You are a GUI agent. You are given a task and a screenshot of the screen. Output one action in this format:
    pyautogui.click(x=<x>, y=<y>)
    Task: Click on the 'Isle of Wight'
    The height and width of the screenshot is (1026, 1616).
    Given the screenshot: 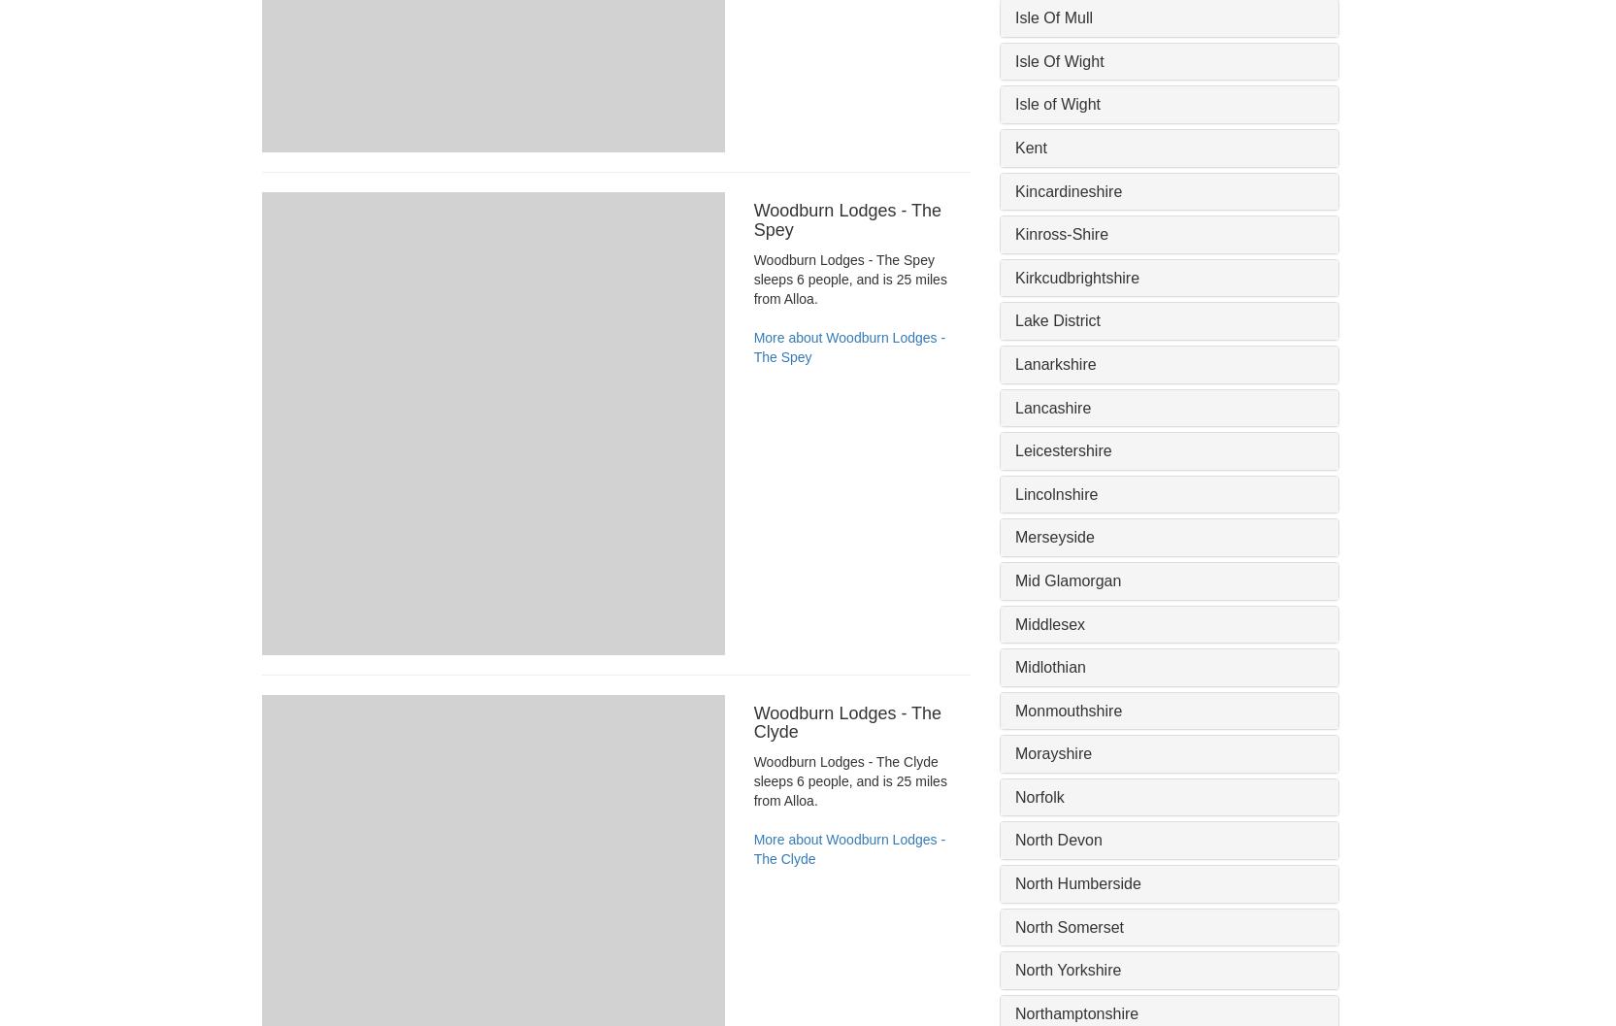 What is the action you would take?
    pyautogui.click(x=1058, y=103)
    